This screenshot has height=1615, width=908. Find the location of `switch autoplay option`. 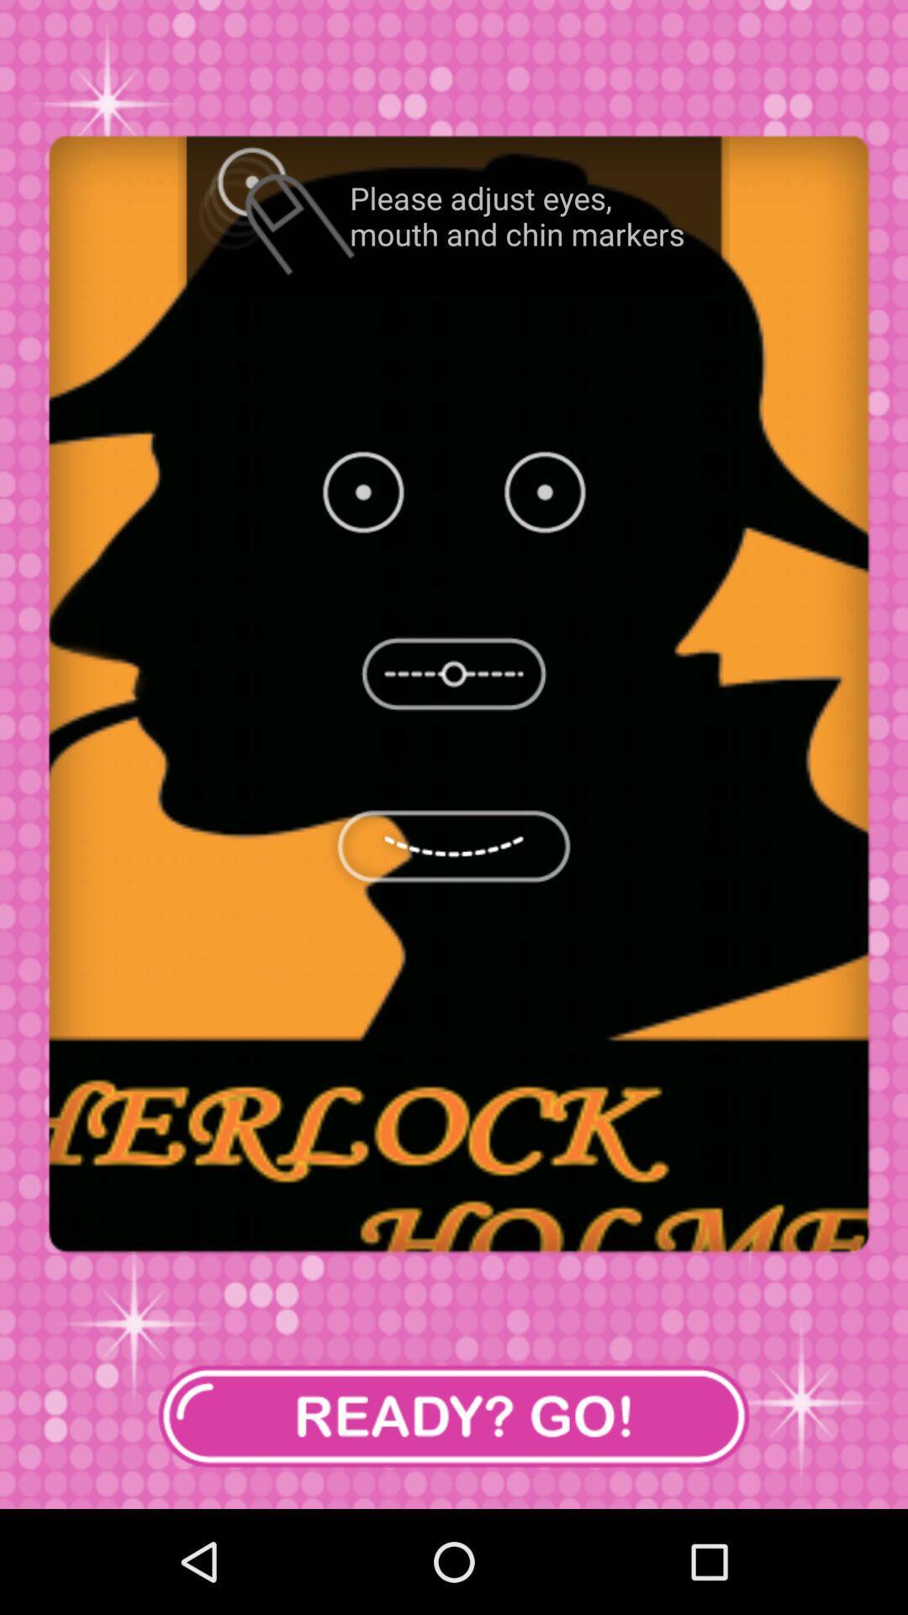

switch autoplay option is located at coordinates (454, 1415).